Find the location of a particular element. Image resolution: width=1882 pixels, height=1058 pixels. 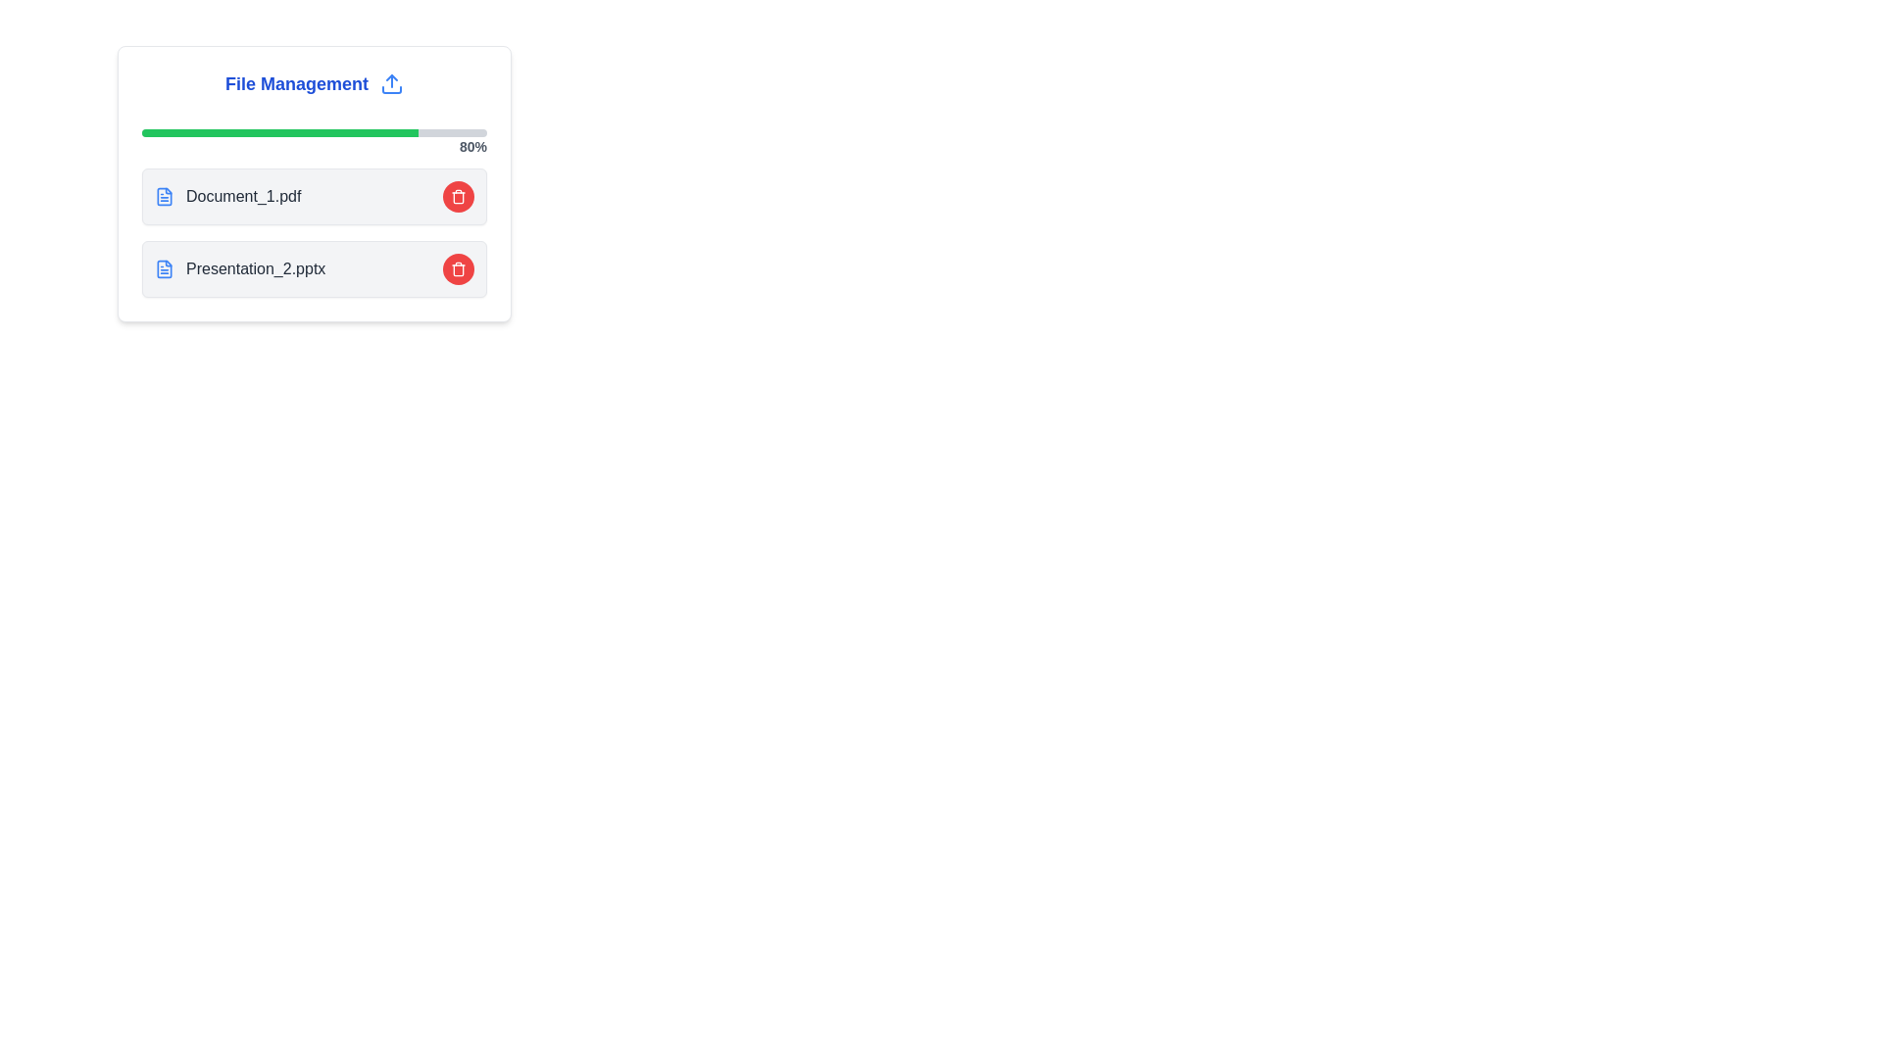

the document icon with a blue outline, which is positioned to the left of the 'Document_1.pdf' text is located at coordinates (165, 196).